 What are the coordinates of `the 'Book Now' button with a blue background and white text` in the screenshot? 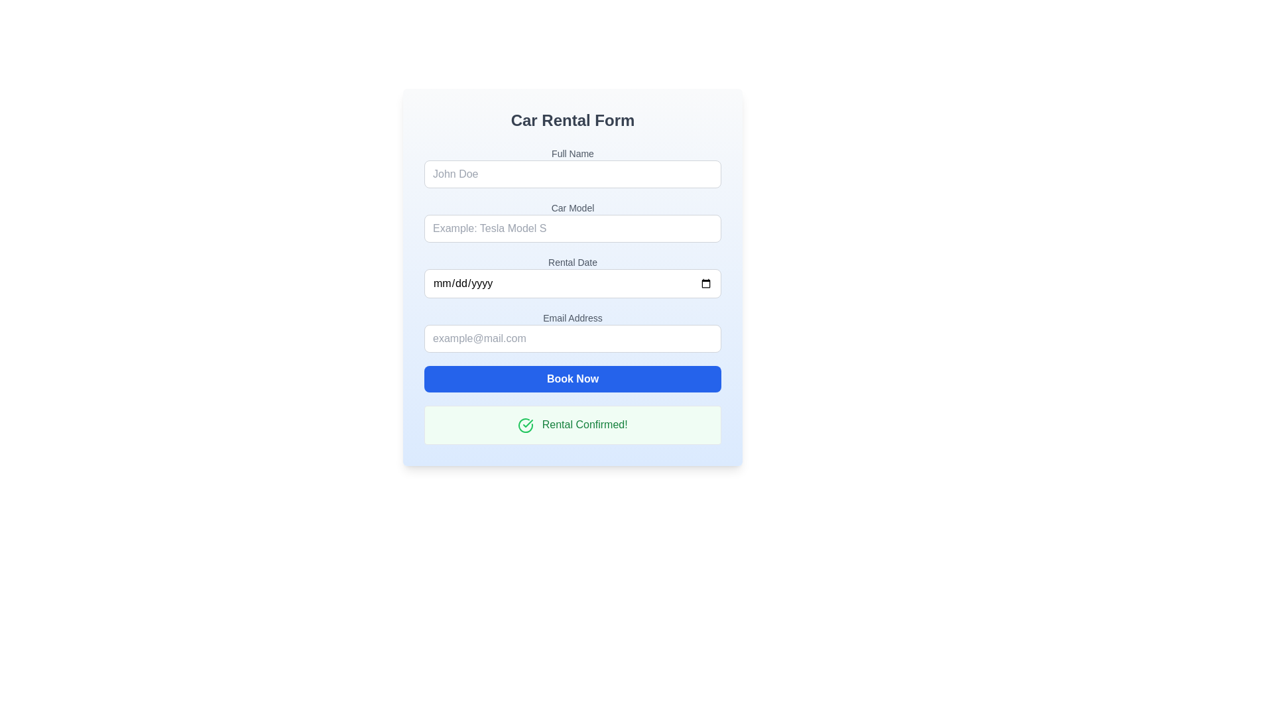 It's located at (573, 379).